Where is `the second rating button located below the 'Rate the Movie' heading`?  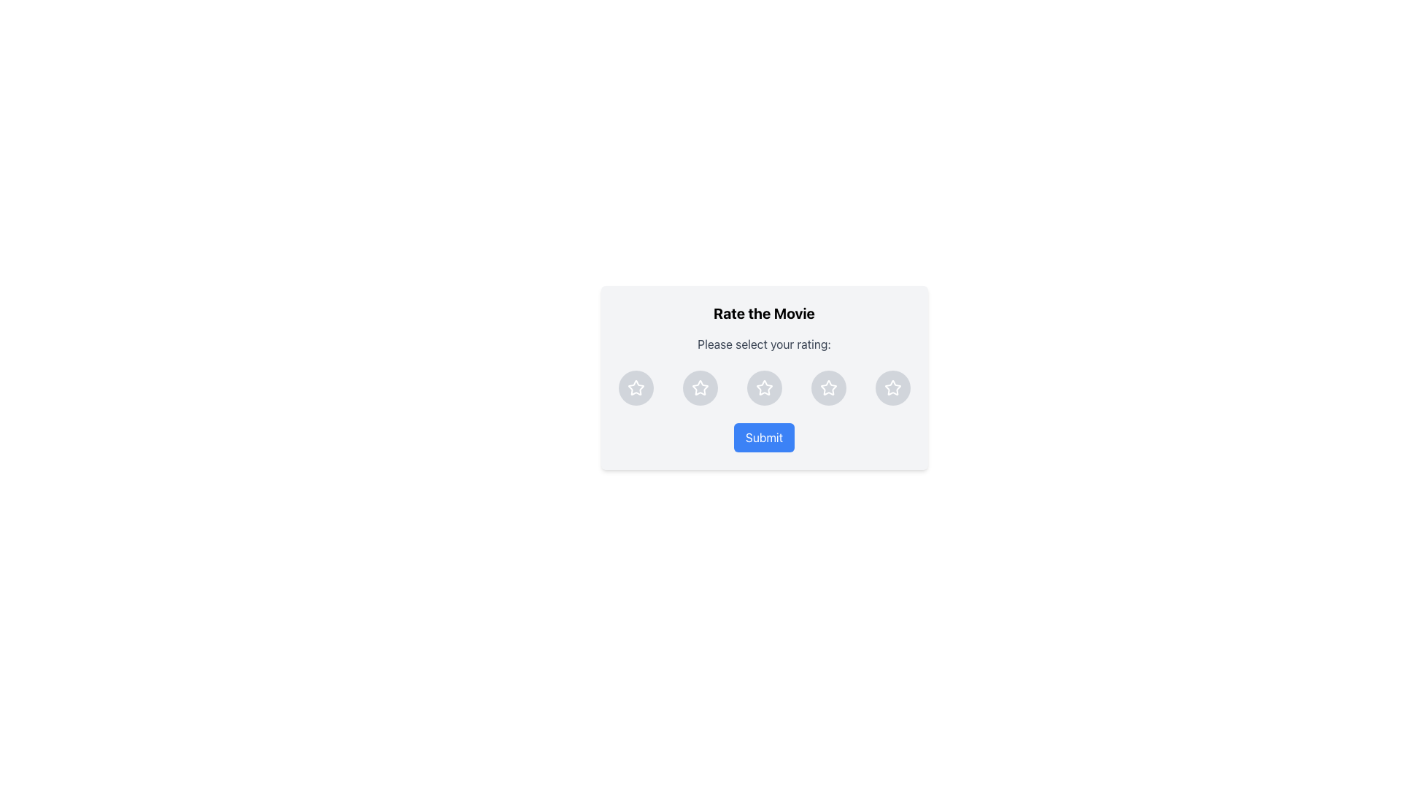
the second rating button located below the 'Rate the Movie' heading is located at coordinates (699, 387).